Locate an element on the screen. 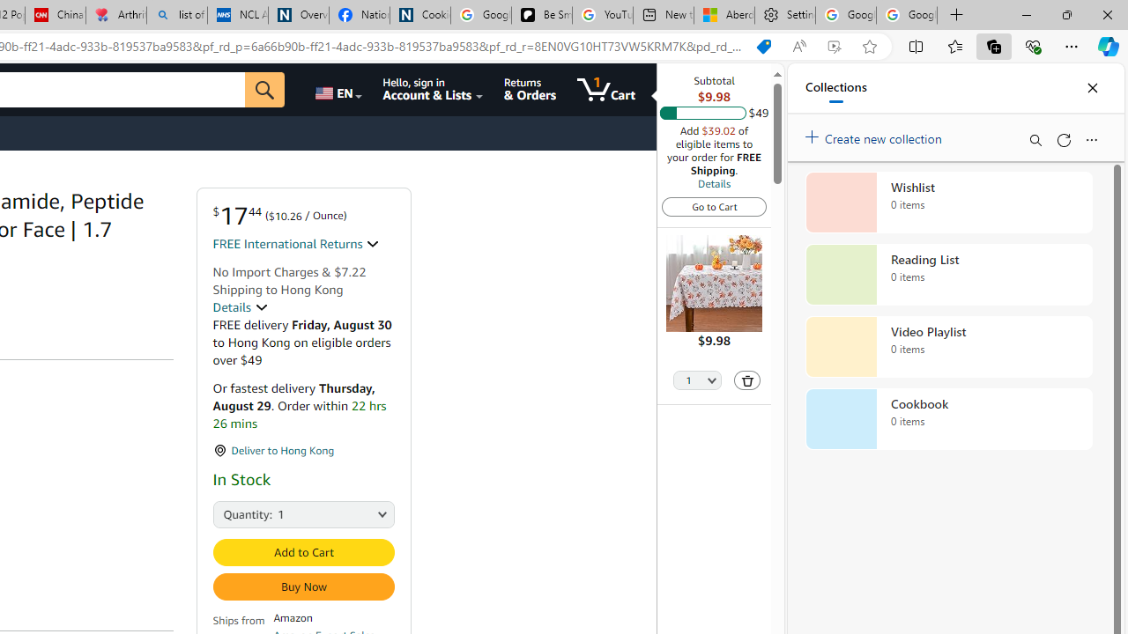 Image resolution: width=1128 pixels, height=634 pixels. 'Add this page to favorites (Ctrl+D)' is located at coordinates (869, 46).